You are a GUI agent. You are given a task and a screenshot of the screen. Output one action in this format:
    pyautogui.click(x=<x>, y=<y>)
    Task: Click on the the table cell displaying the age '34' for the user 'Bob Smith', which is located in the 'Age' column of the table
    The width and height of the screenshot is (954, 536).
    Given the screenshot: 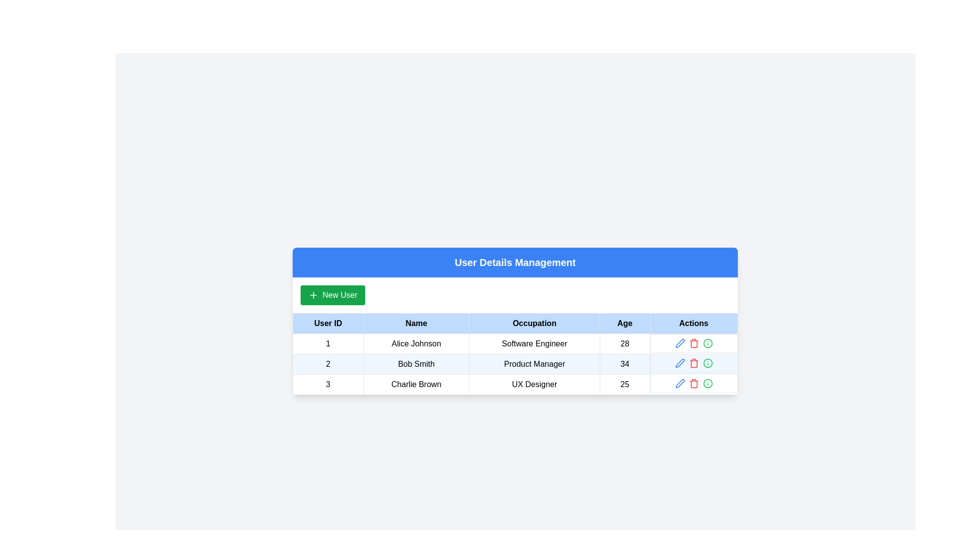 What is the action you would take?
    pyautogui.click(x=624, y=364)
    